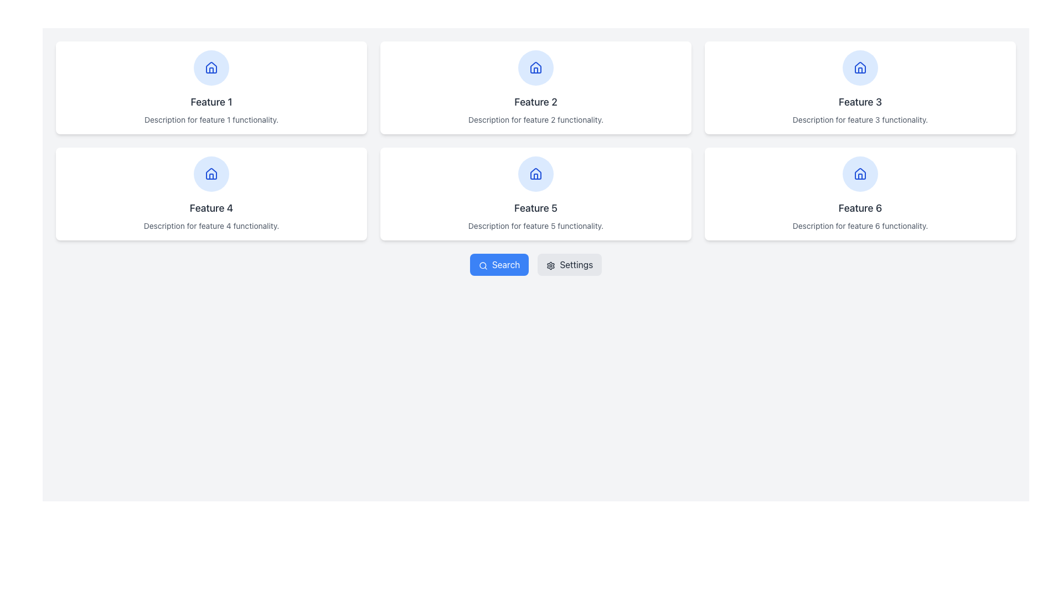 This screenshot has height=597, width=1063. Describe the element at coordinates (211, 67) in the screenshot. I see `the icon representing 'Feature 4'` at that location.